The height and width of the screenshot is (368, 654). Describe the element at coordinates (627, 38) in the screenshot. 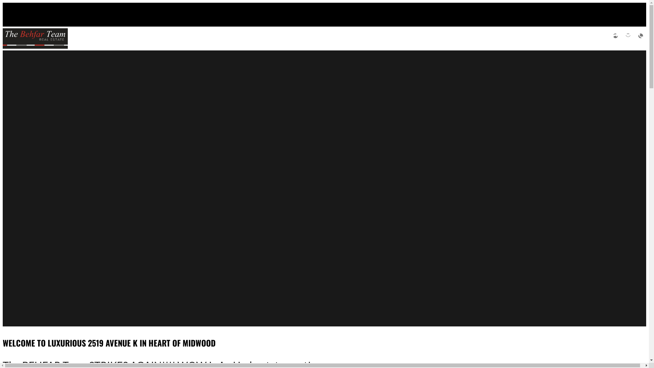

I see `'CONTACT'` at that location.